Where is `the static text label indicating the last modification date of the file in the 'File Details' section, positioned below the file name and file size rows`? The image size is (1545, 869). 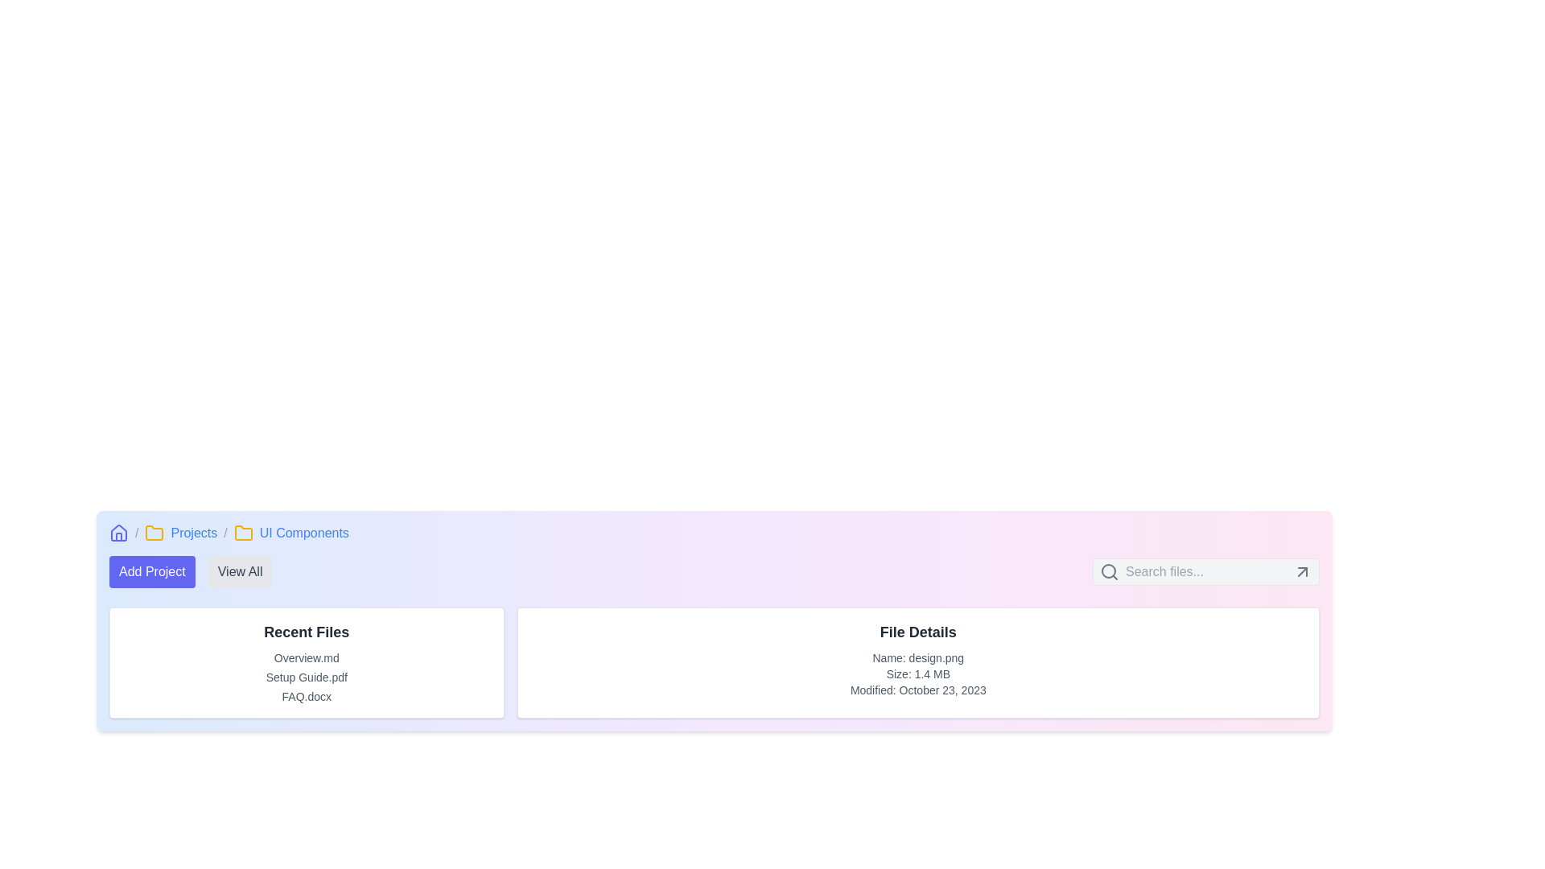 the static text label indicating the last modification date of the file in the 'File Details' section, positioned below the file name and file size rows is located at coordinates (918, 689).